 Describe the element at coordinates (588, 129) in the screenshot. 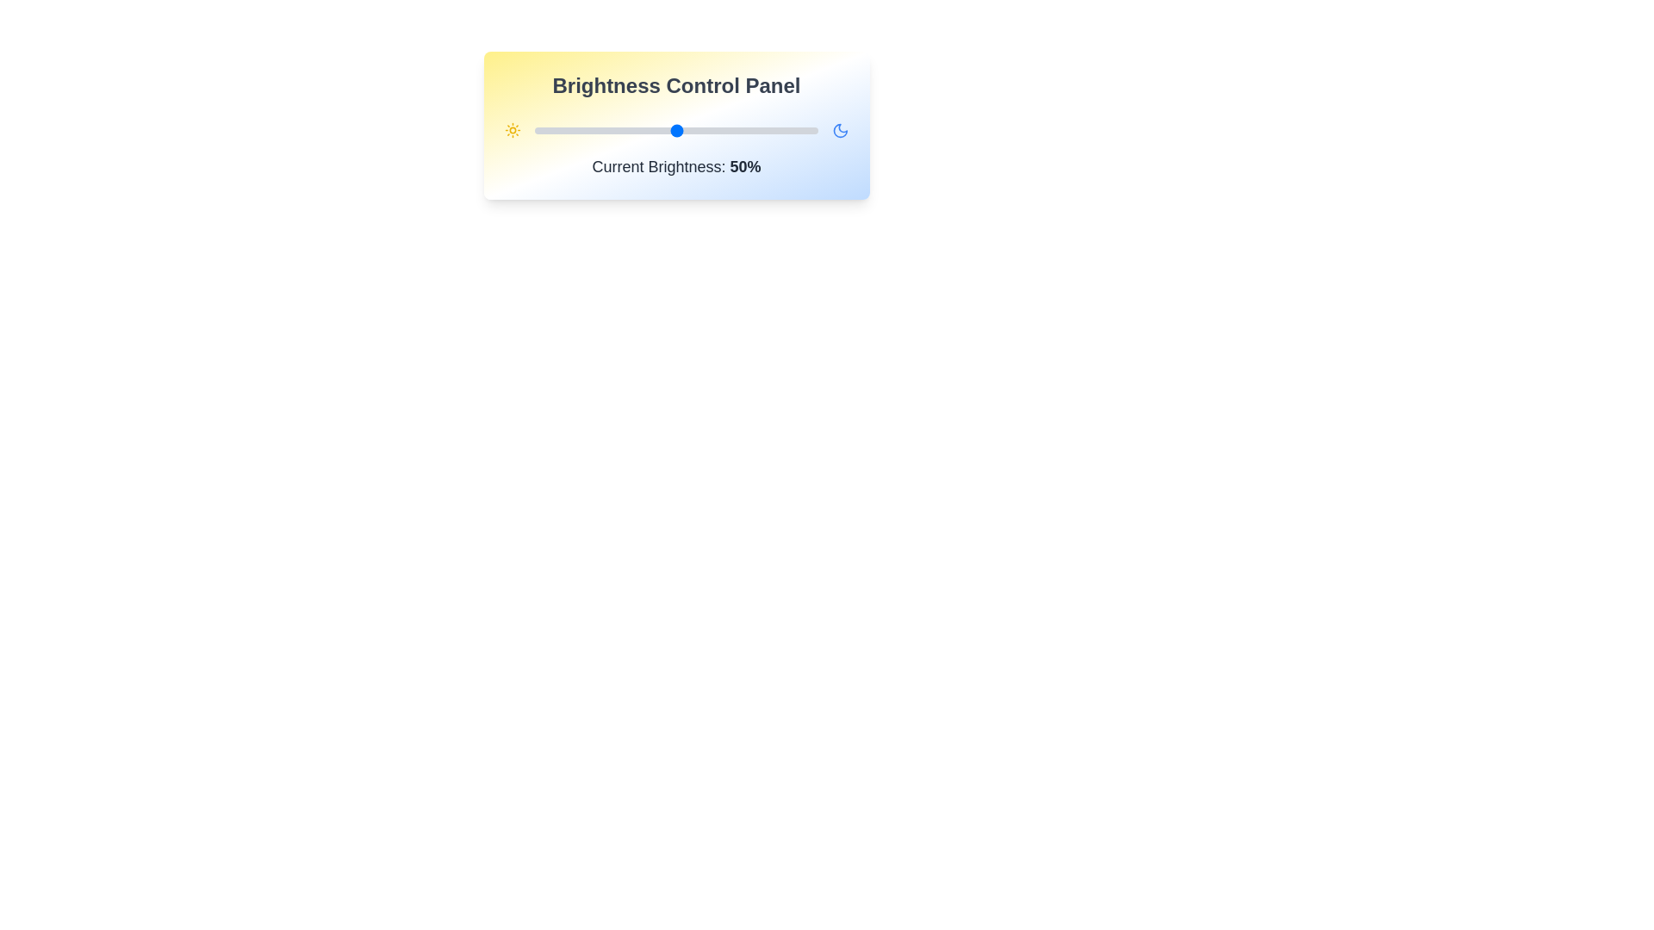

I see `the brightness` at that location.